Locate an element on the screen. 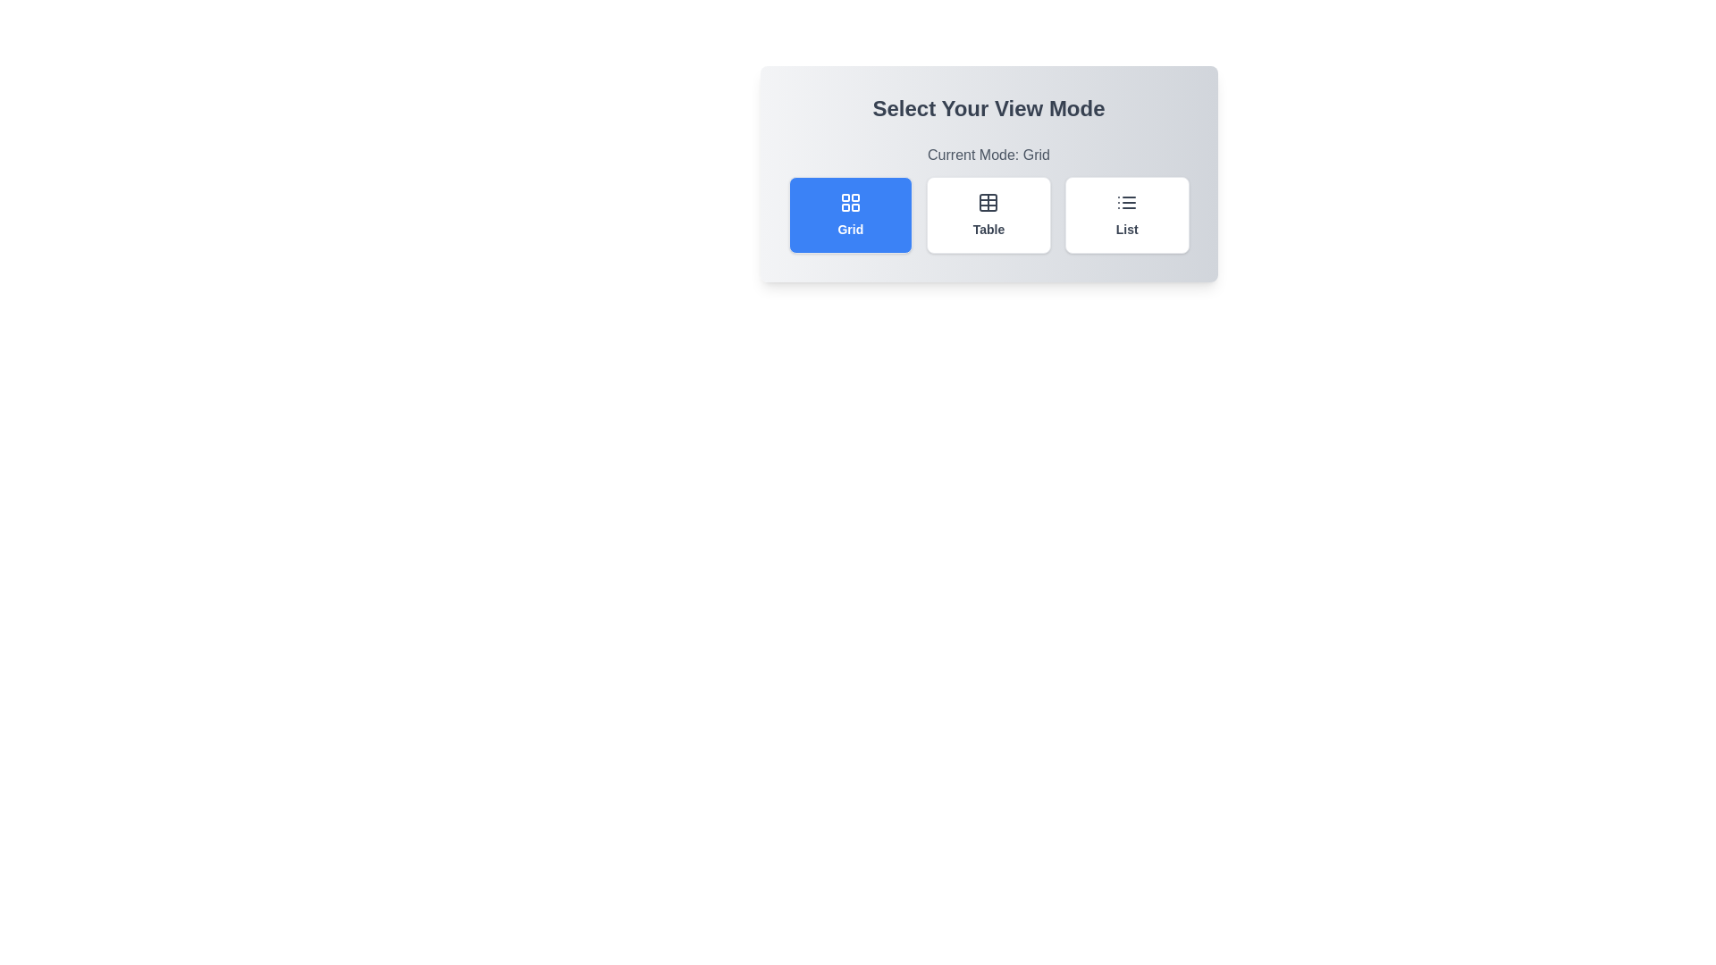 This screenshot has width=1716, height=965. the blue 'Grid' button with white text and grid icon located at the center of the interface is located at coordinates (849, 214).